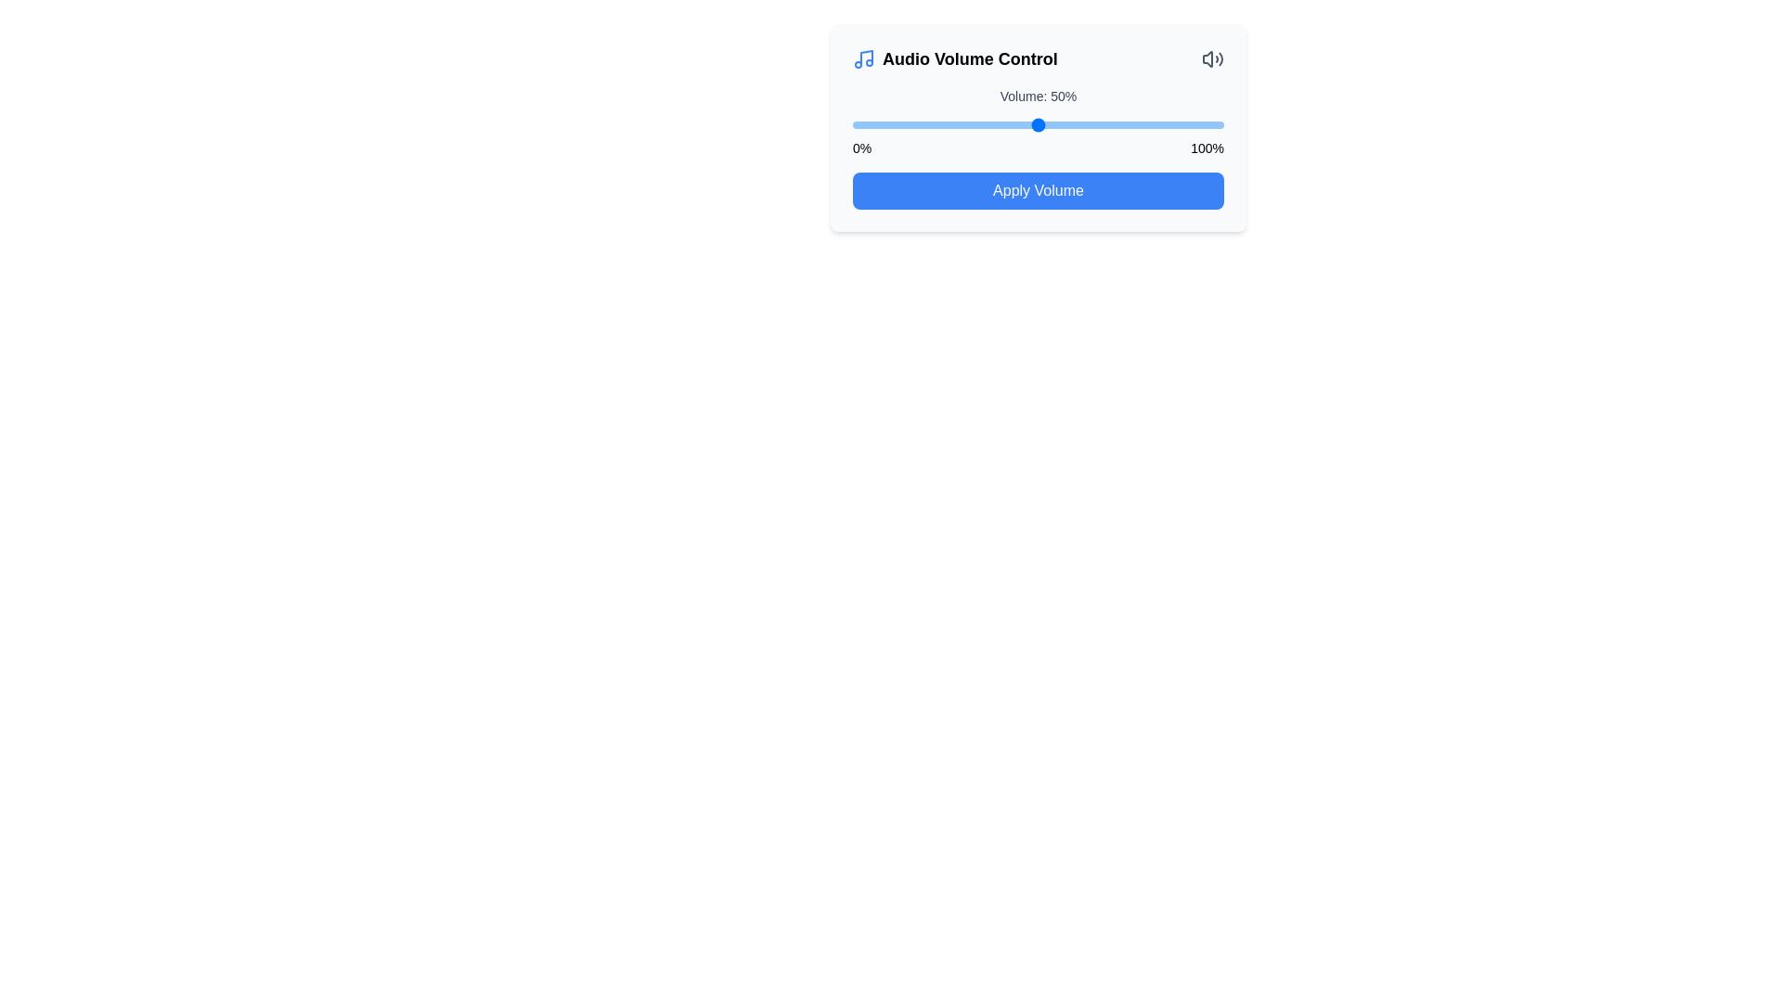 The height and width of the screenshot is (1002, 1782). What do you see at coordinates (1052, 125) in the screenshot?
I see `the volume level` at bounding box center [1052, 125].